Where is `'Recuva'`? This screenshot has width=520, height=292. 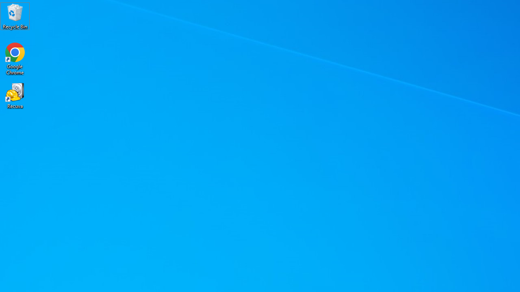 'Recuva' is located at coordinates (15, 95).